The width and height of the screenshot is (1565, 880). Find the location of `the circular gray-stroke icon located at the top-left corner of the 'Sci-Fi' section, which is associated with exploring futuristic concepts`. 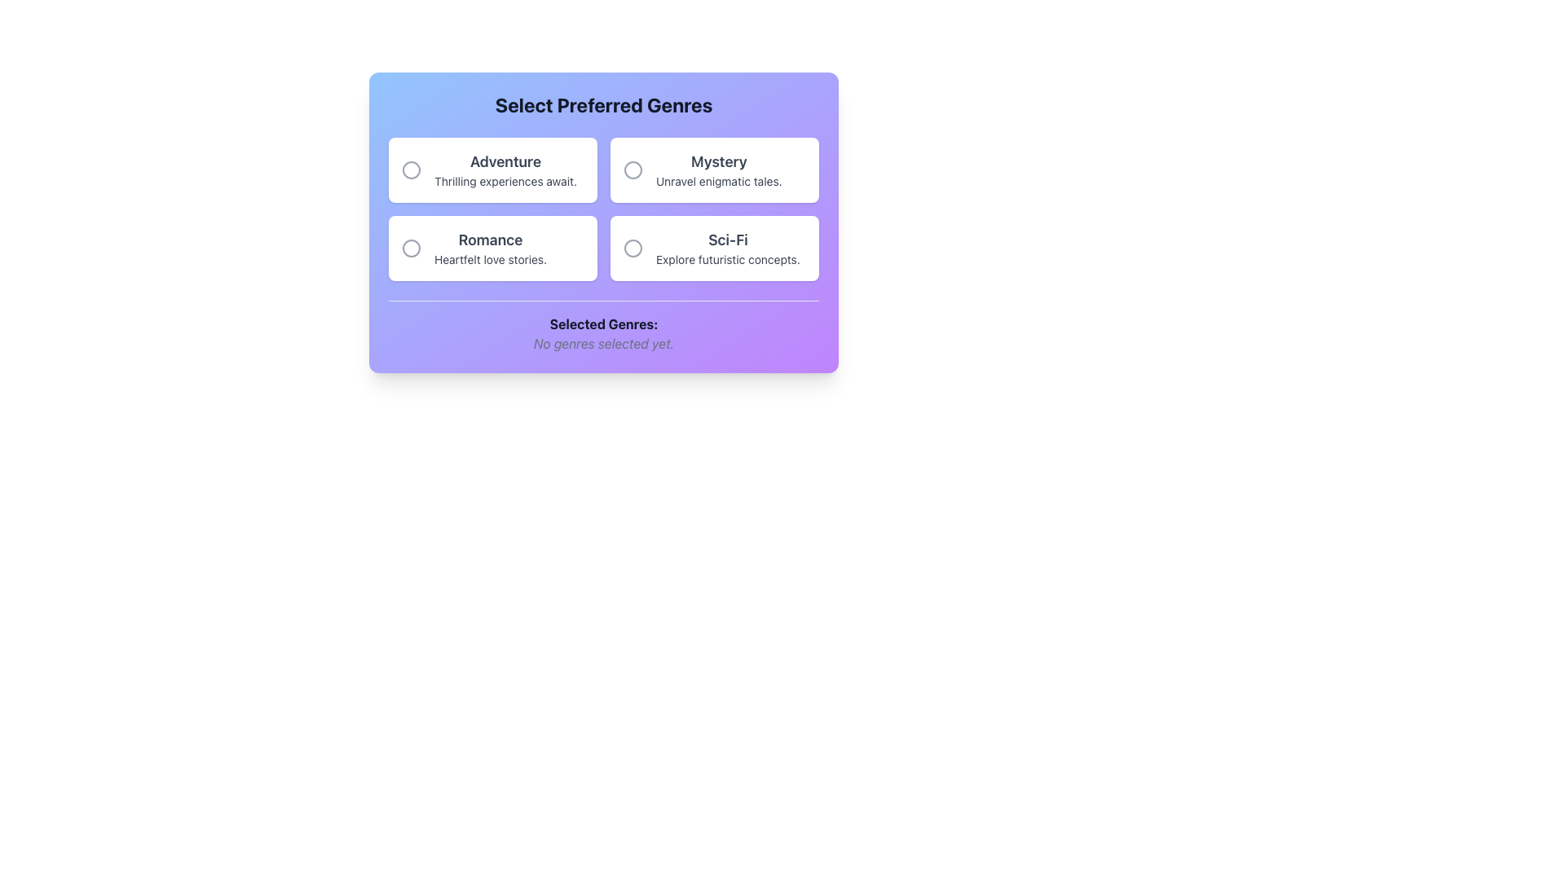

the circular gray-stroke icon located at the top-left corner of the 'Sci-Fi' section, which is associated with exploring futuristic concepts is located at coordinates (633, 248).